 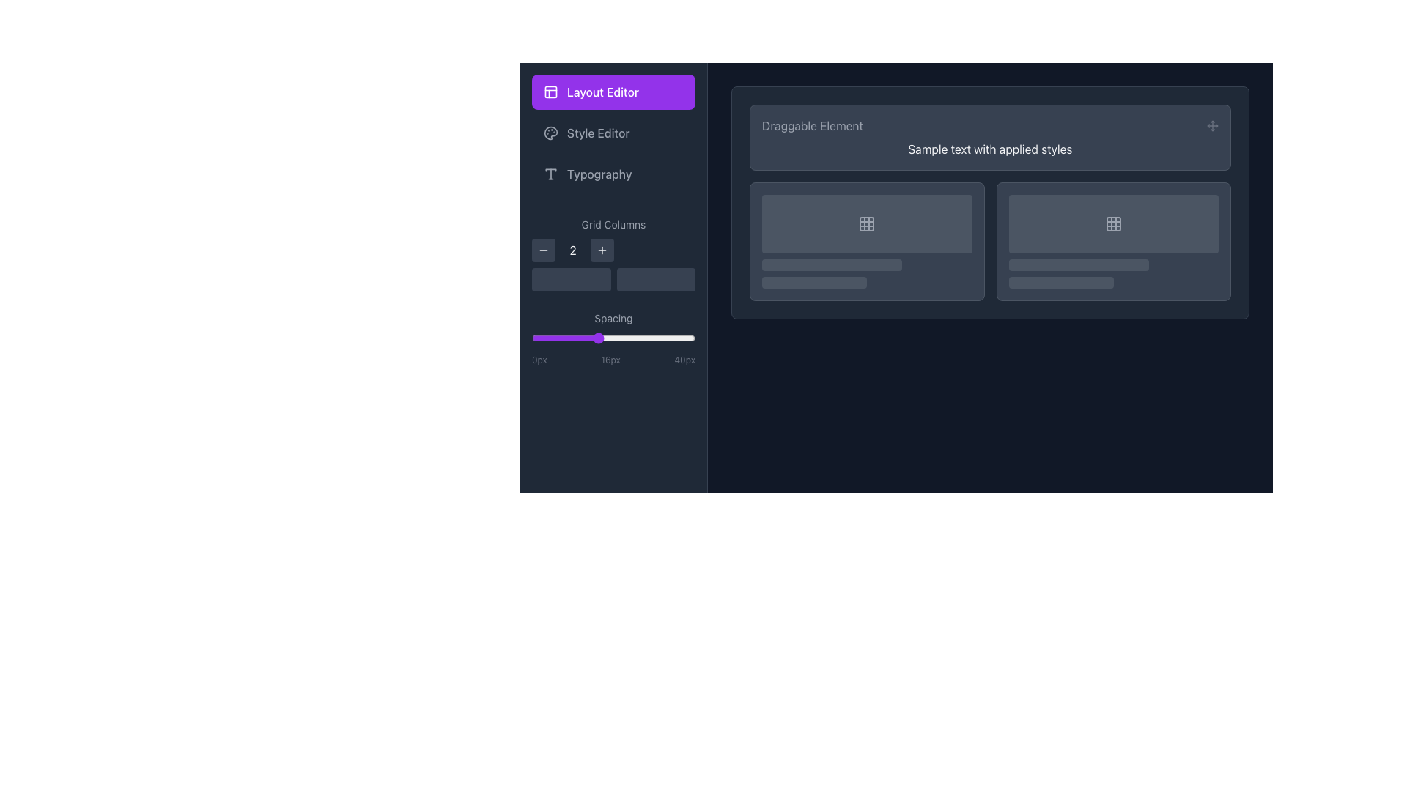 I want to click on the spacing value, so click(x=682, y=338).